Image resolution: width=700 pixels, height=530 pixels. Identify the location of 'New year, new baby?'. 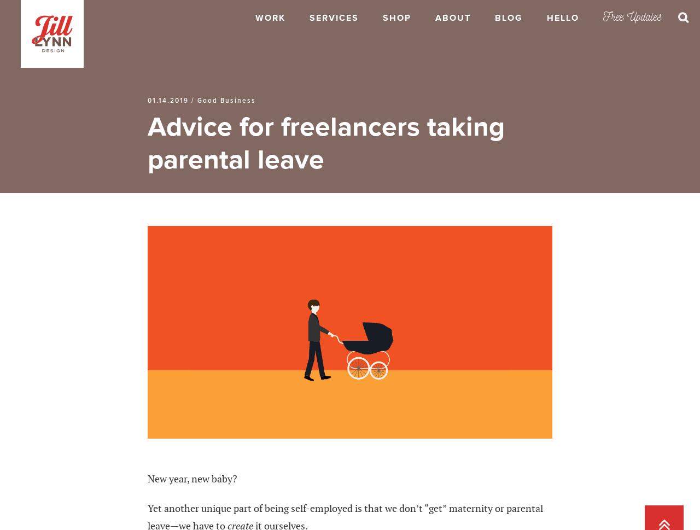
(192, 478).